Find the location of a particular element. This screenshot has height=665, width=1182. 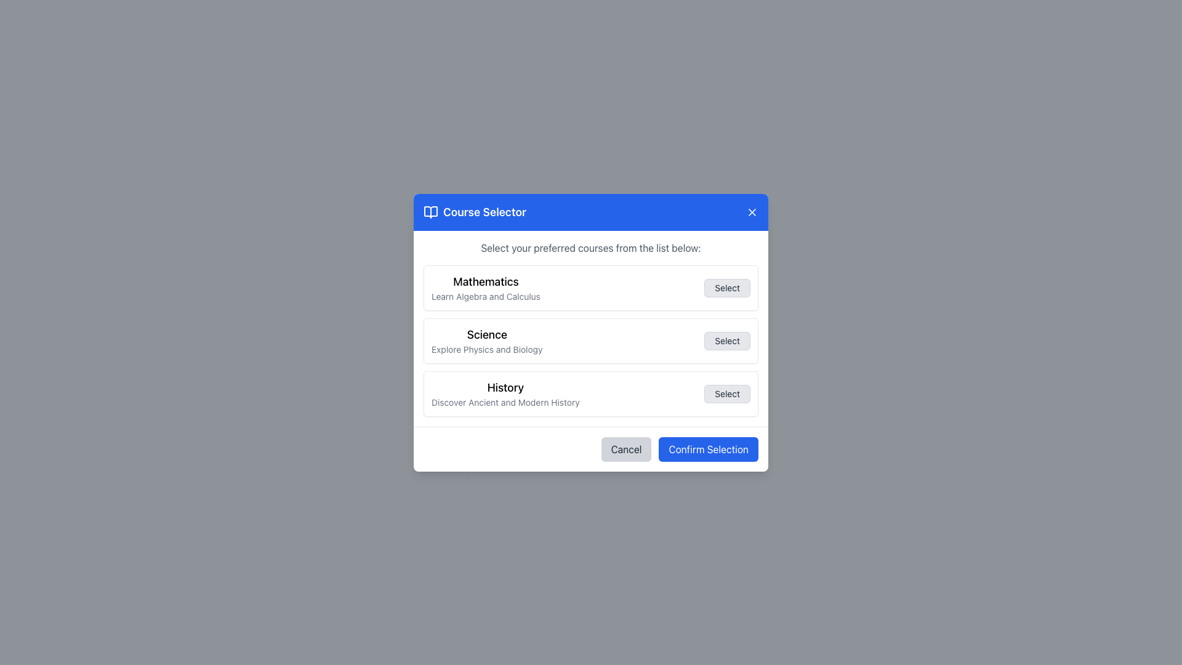

the 'Cancel' button located near the bottom-center of the interface, which has a light gray background and dark gray text is located at coordinates (626, 449).